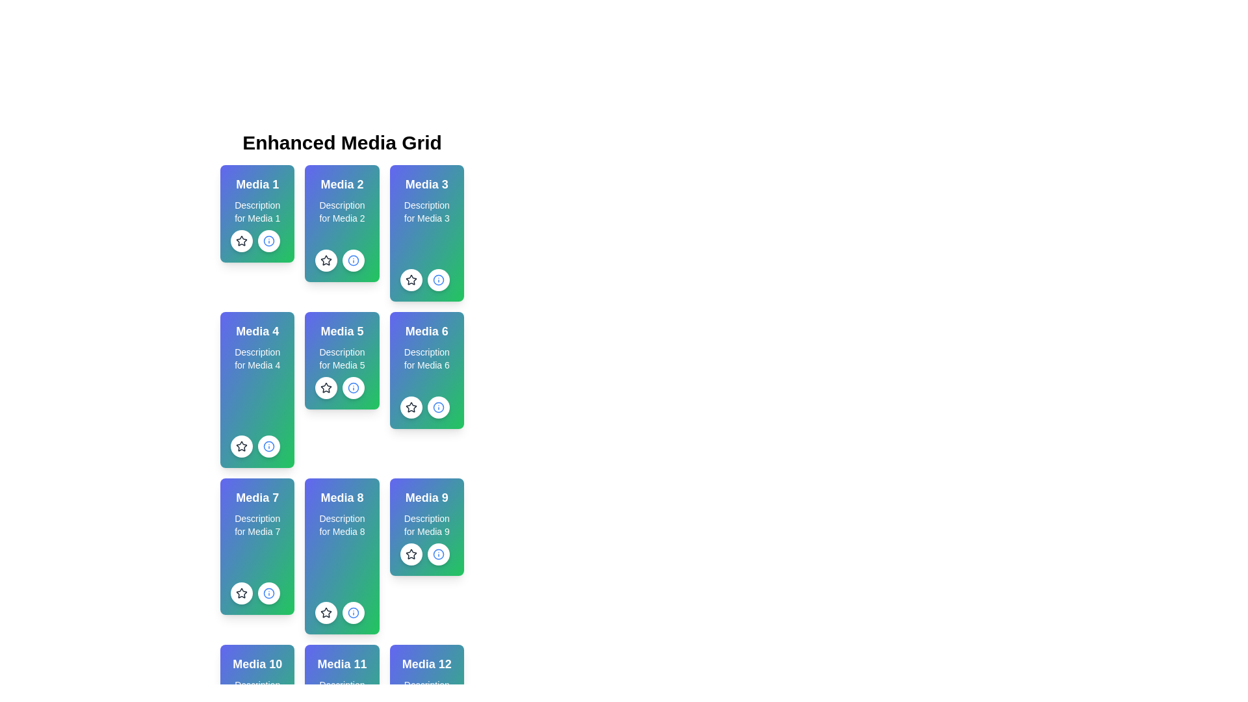 The height and width of the screenshot is (702, 1248). Describe the element at coordinates (424, 279) in the screenshot. I see `the information icon button located at the bottom-left corner of the 'Media 3' card to get more information` at that location.